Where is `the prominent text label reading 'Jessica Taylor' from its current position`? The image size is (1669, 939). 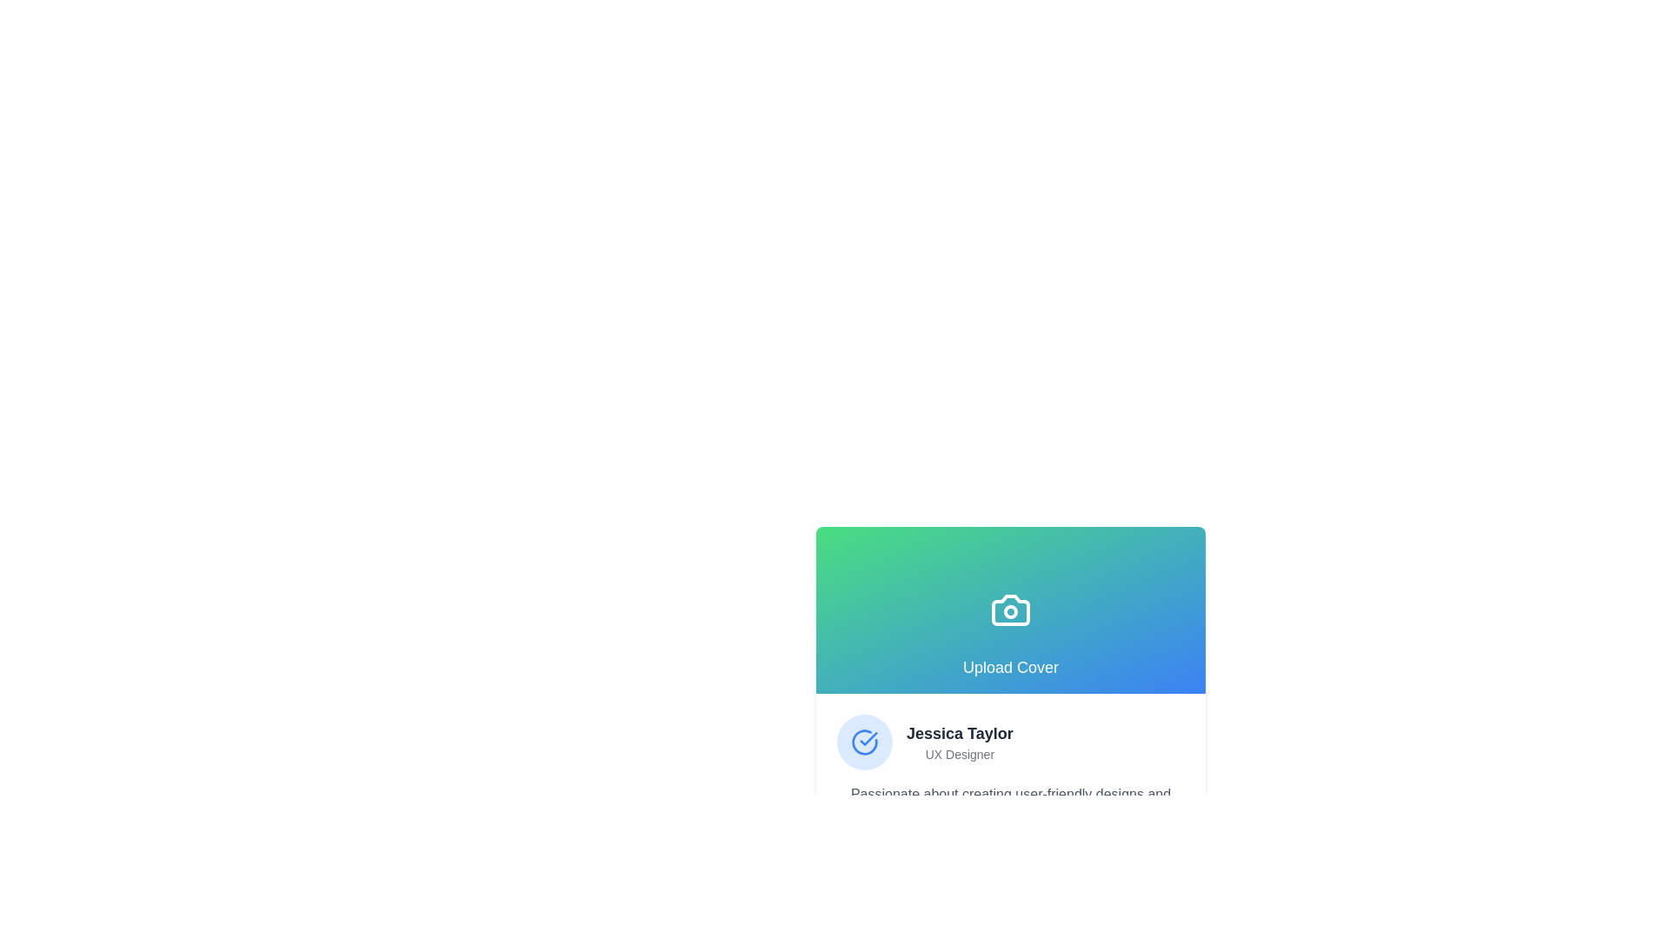 the prominent text label reading 'Jessica Taylor' from its current position is located at coordinates (959, 734).